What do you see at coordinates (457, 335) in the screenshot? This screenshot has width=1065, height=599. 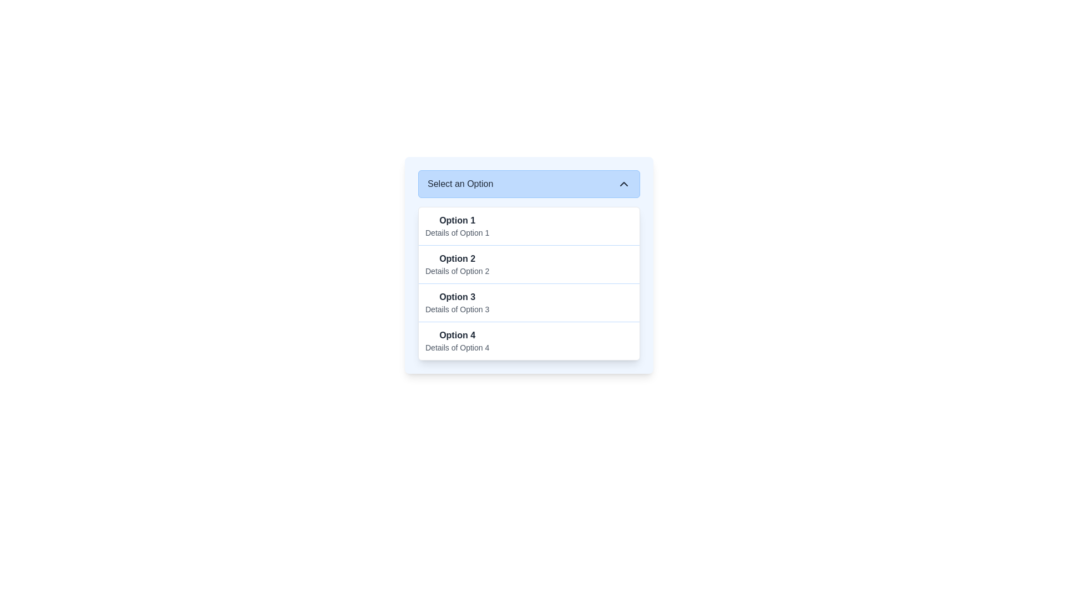 I see `the text label displaying 'Option 4' in bold with a dark gray font, located above the text 'Details of Option 4' in the dropdown menu` at bounding box center [457, 335].